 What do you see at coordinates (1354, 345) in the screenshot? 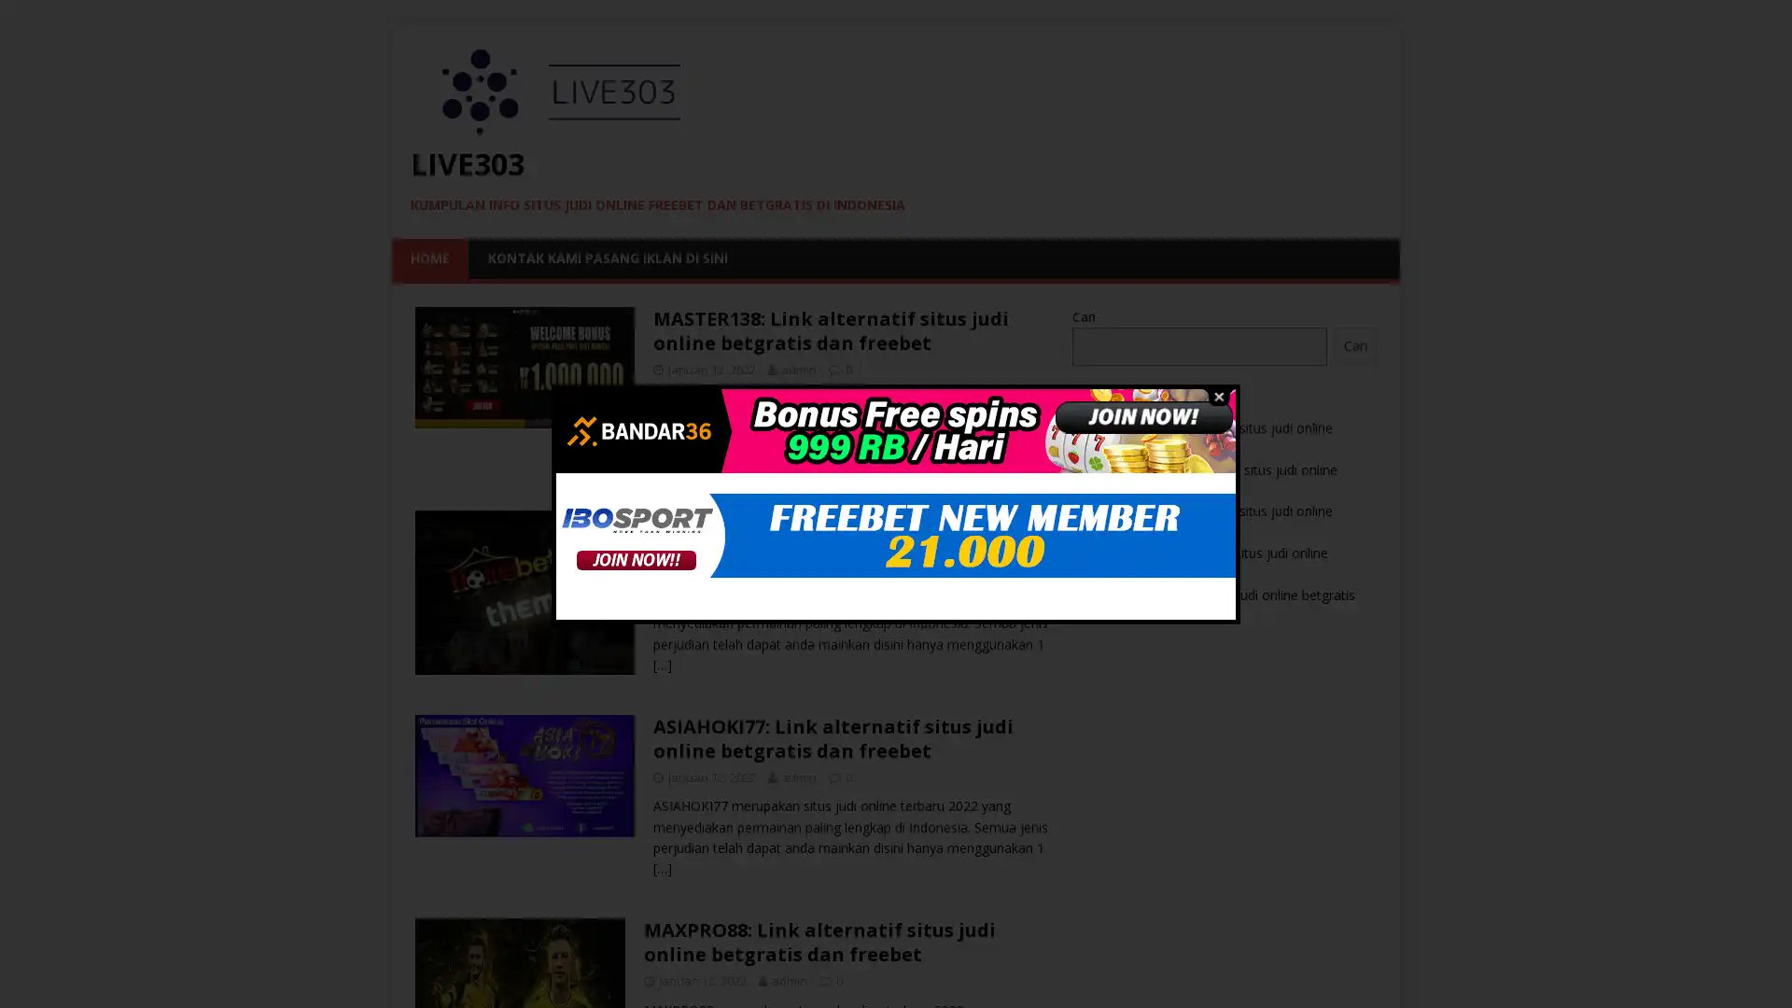
I see `Cari` at bounding box center [1354, 345].